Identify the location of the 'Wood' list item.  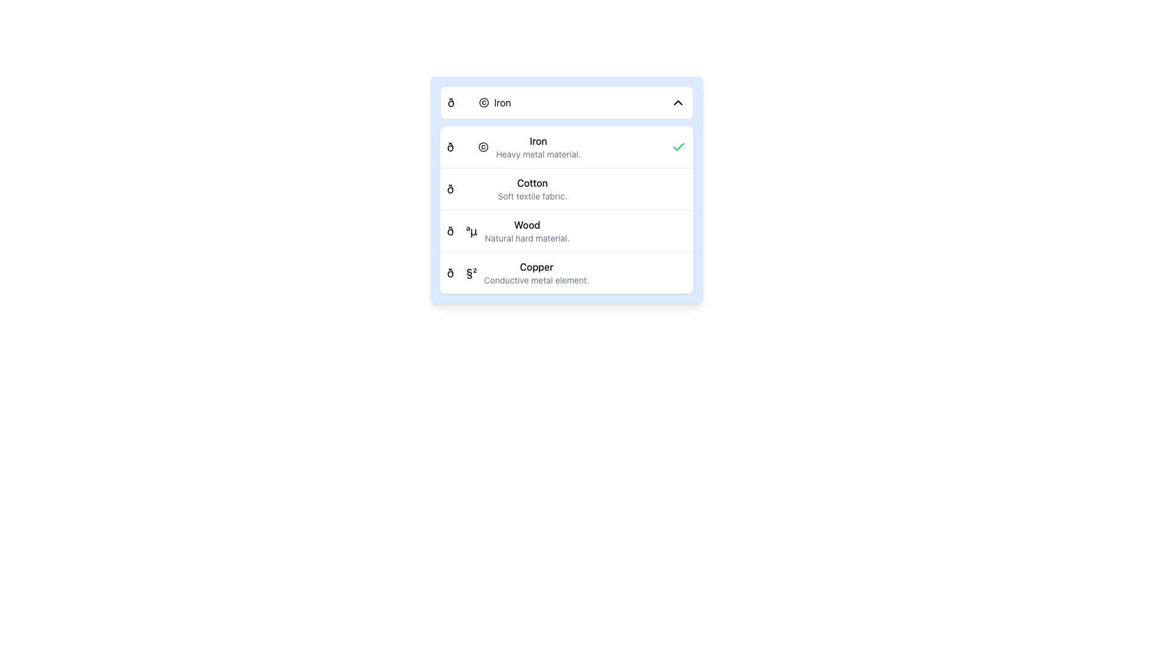
(508, 231).